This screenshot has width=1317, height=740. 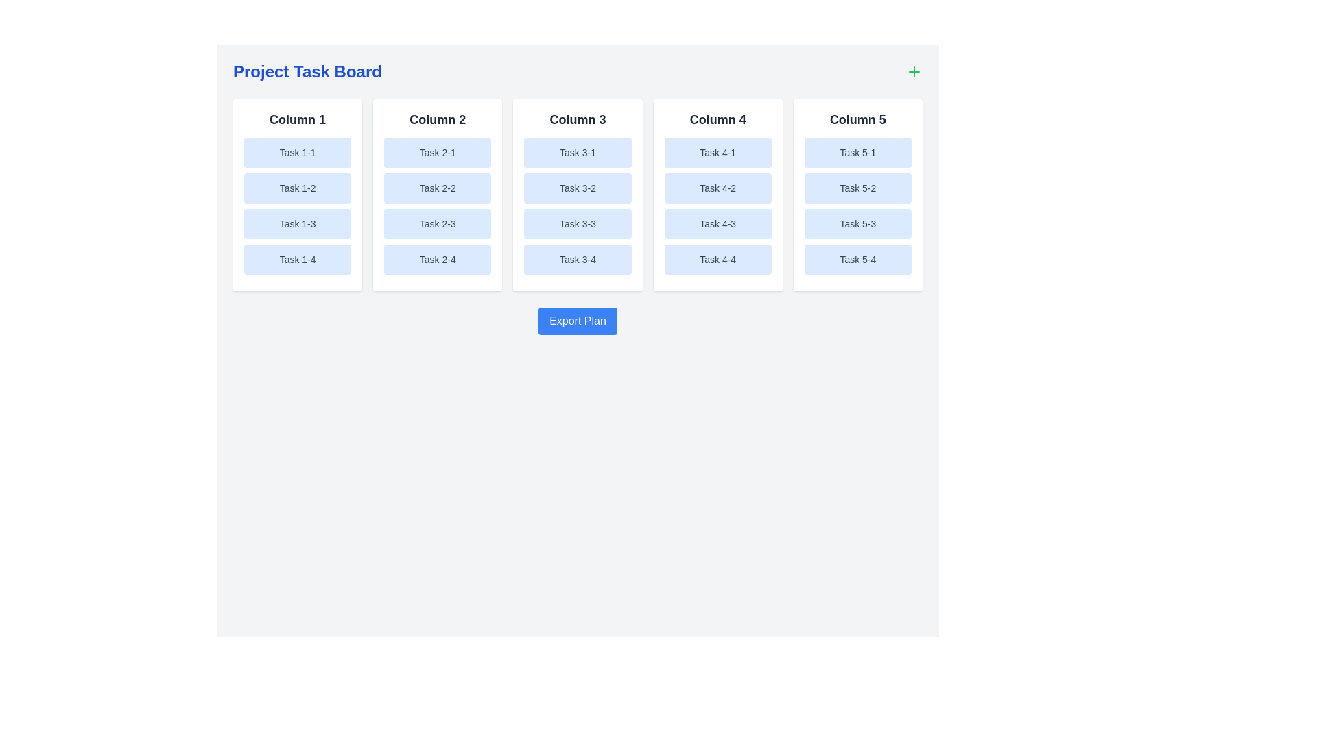 I want to click on the '+' button to initiate the process of adding a new task column or item, so click(x=914, y=71).